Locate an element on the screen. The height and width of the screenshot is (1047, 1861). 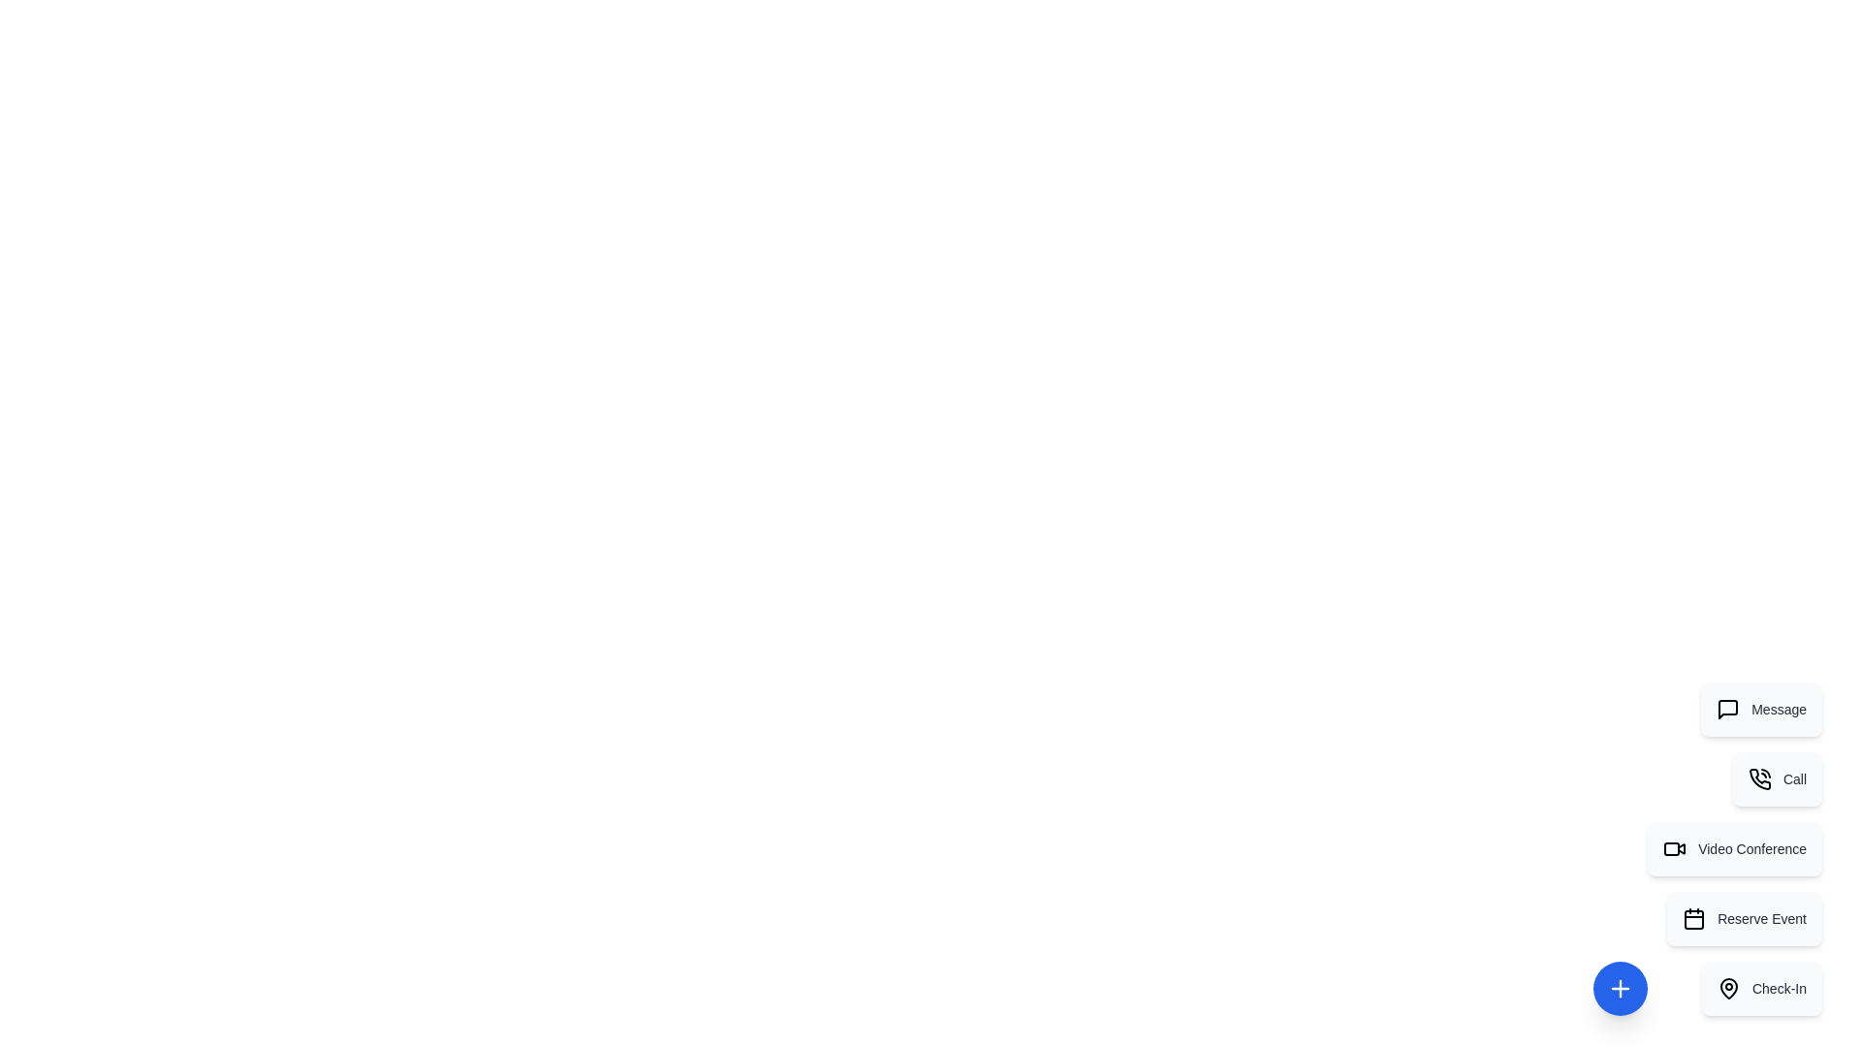
the action item Reserve Event from the menu is located at coordinates (1745, 918).